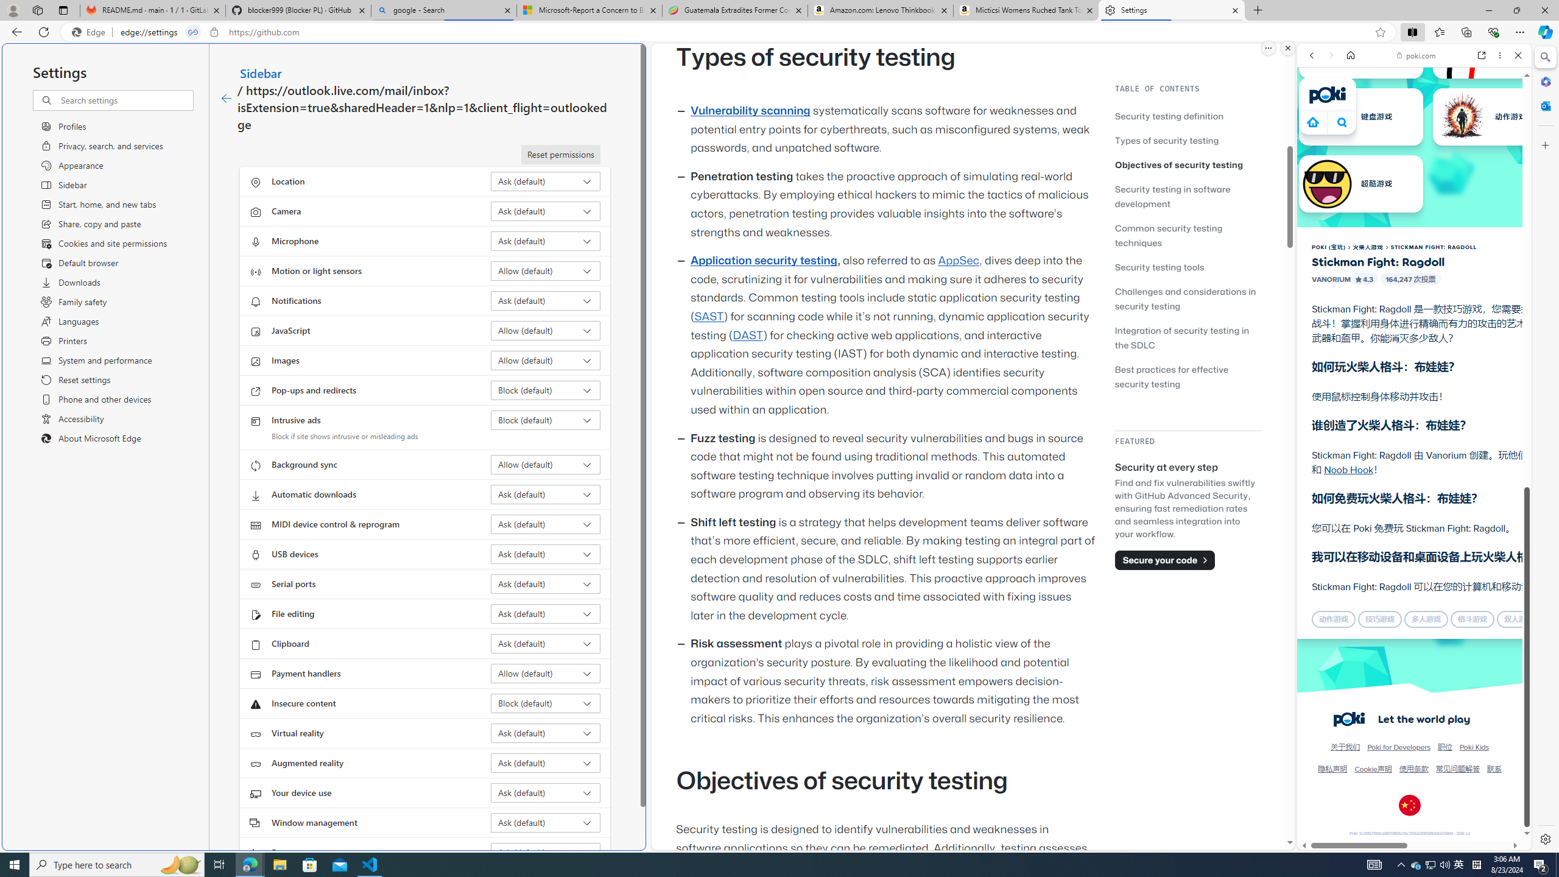 Image resolution: width=1559 pixels, height=877 pixels. Describe the element at coordinates (546, 181) in the screenshot. I see `'Location Ask (default)'` at that location.